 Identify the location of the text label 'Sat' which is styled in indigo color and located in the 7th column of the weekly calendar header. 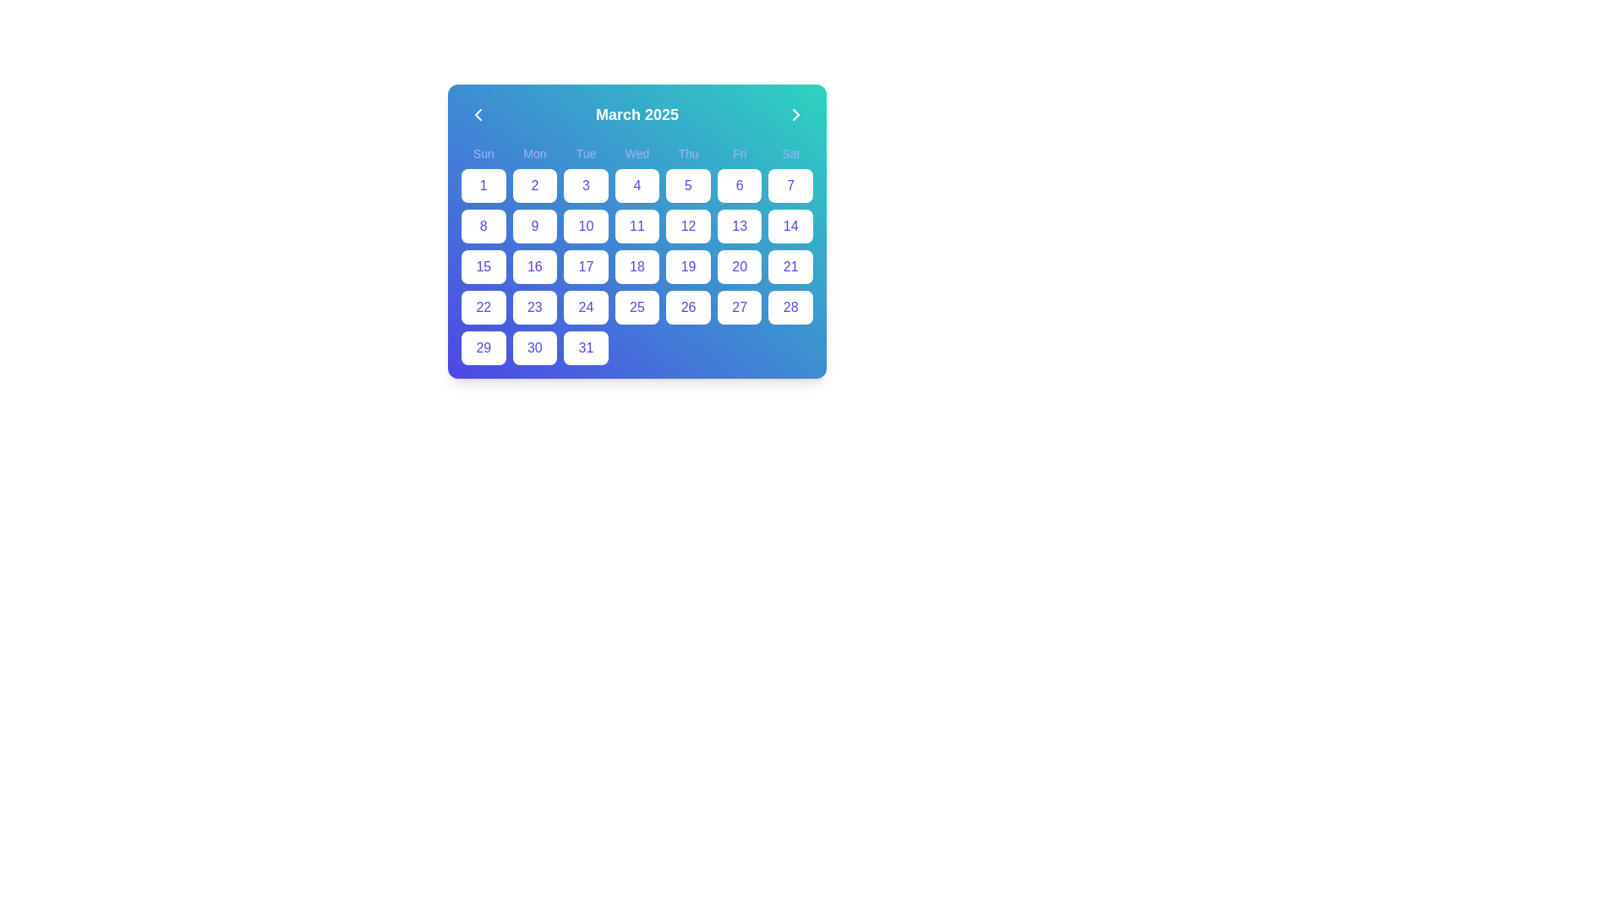
(790, 153).